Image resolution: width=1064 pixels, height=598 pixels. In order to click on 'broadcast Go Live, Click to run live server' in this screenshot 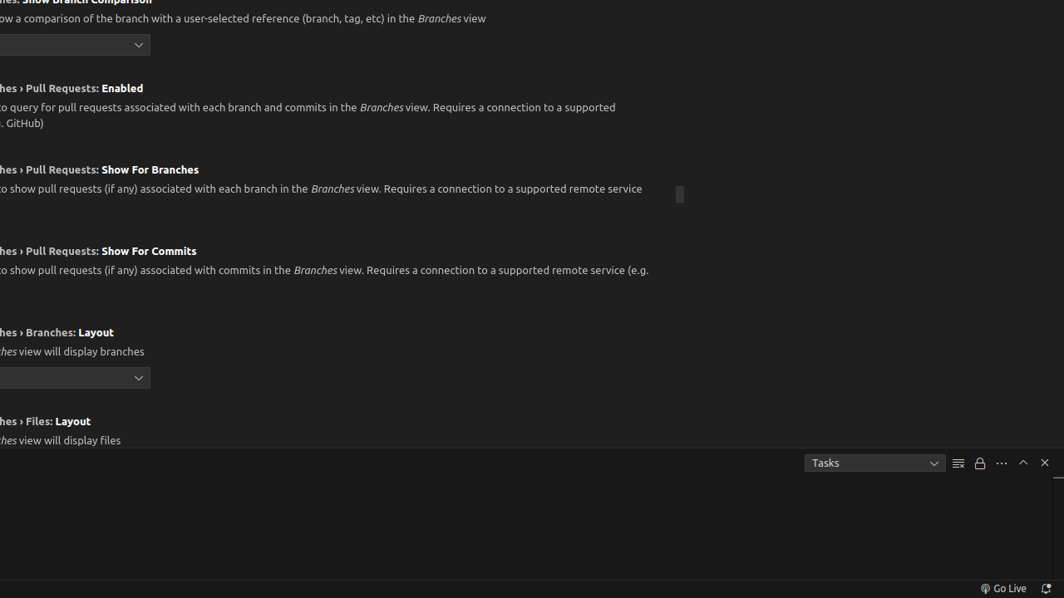, I will do `click(1002, 587)`.